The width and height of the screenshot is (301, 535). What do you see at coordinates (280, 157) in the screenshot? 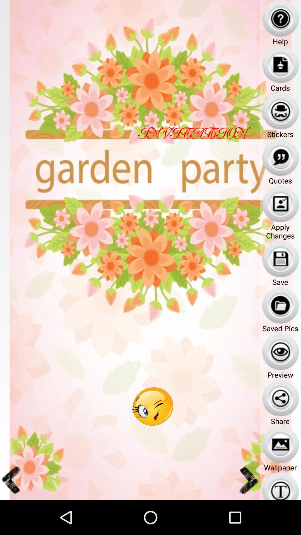
I see `the item above the quotes icon` at bounding box center [280, 157].